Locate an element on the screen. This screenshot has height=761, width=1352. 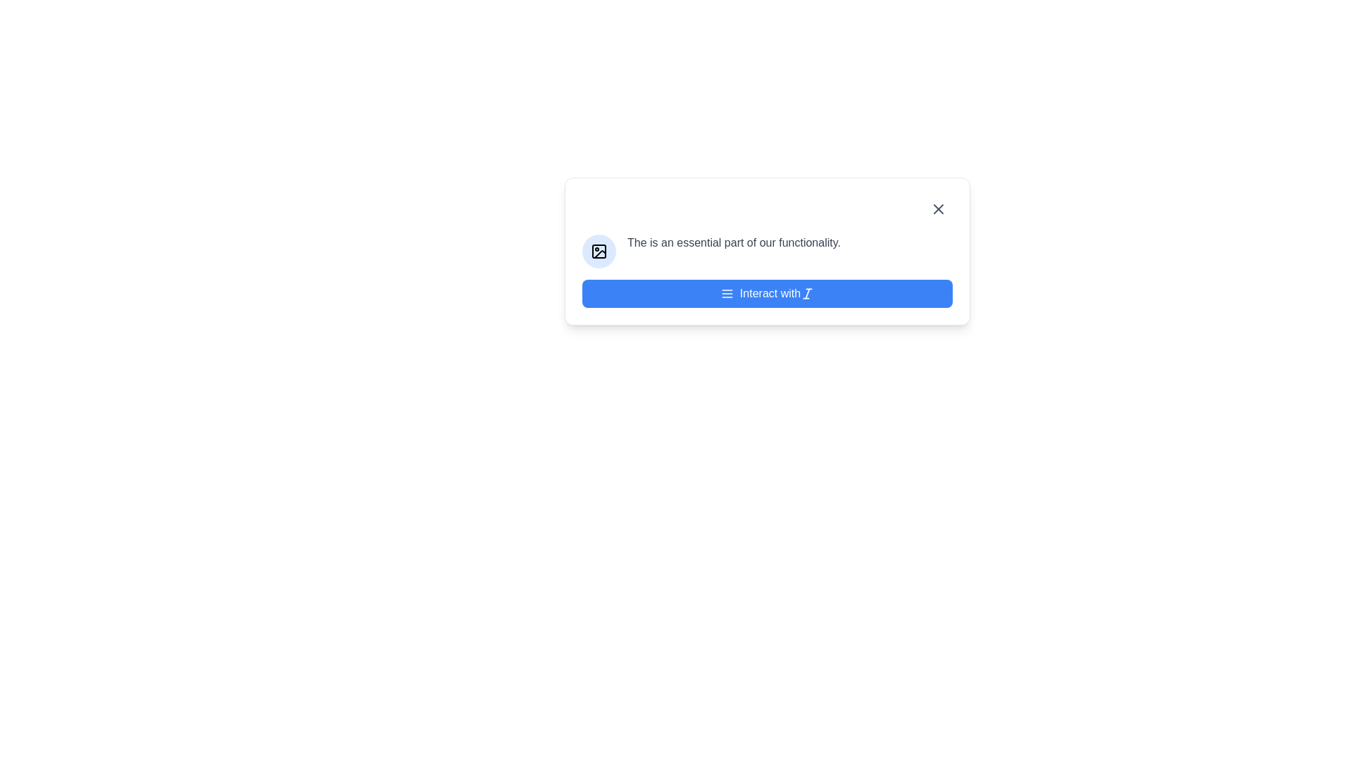
the gray 'X' button located at the top-right corner of the dialog box is located at coordinates (939, 209).